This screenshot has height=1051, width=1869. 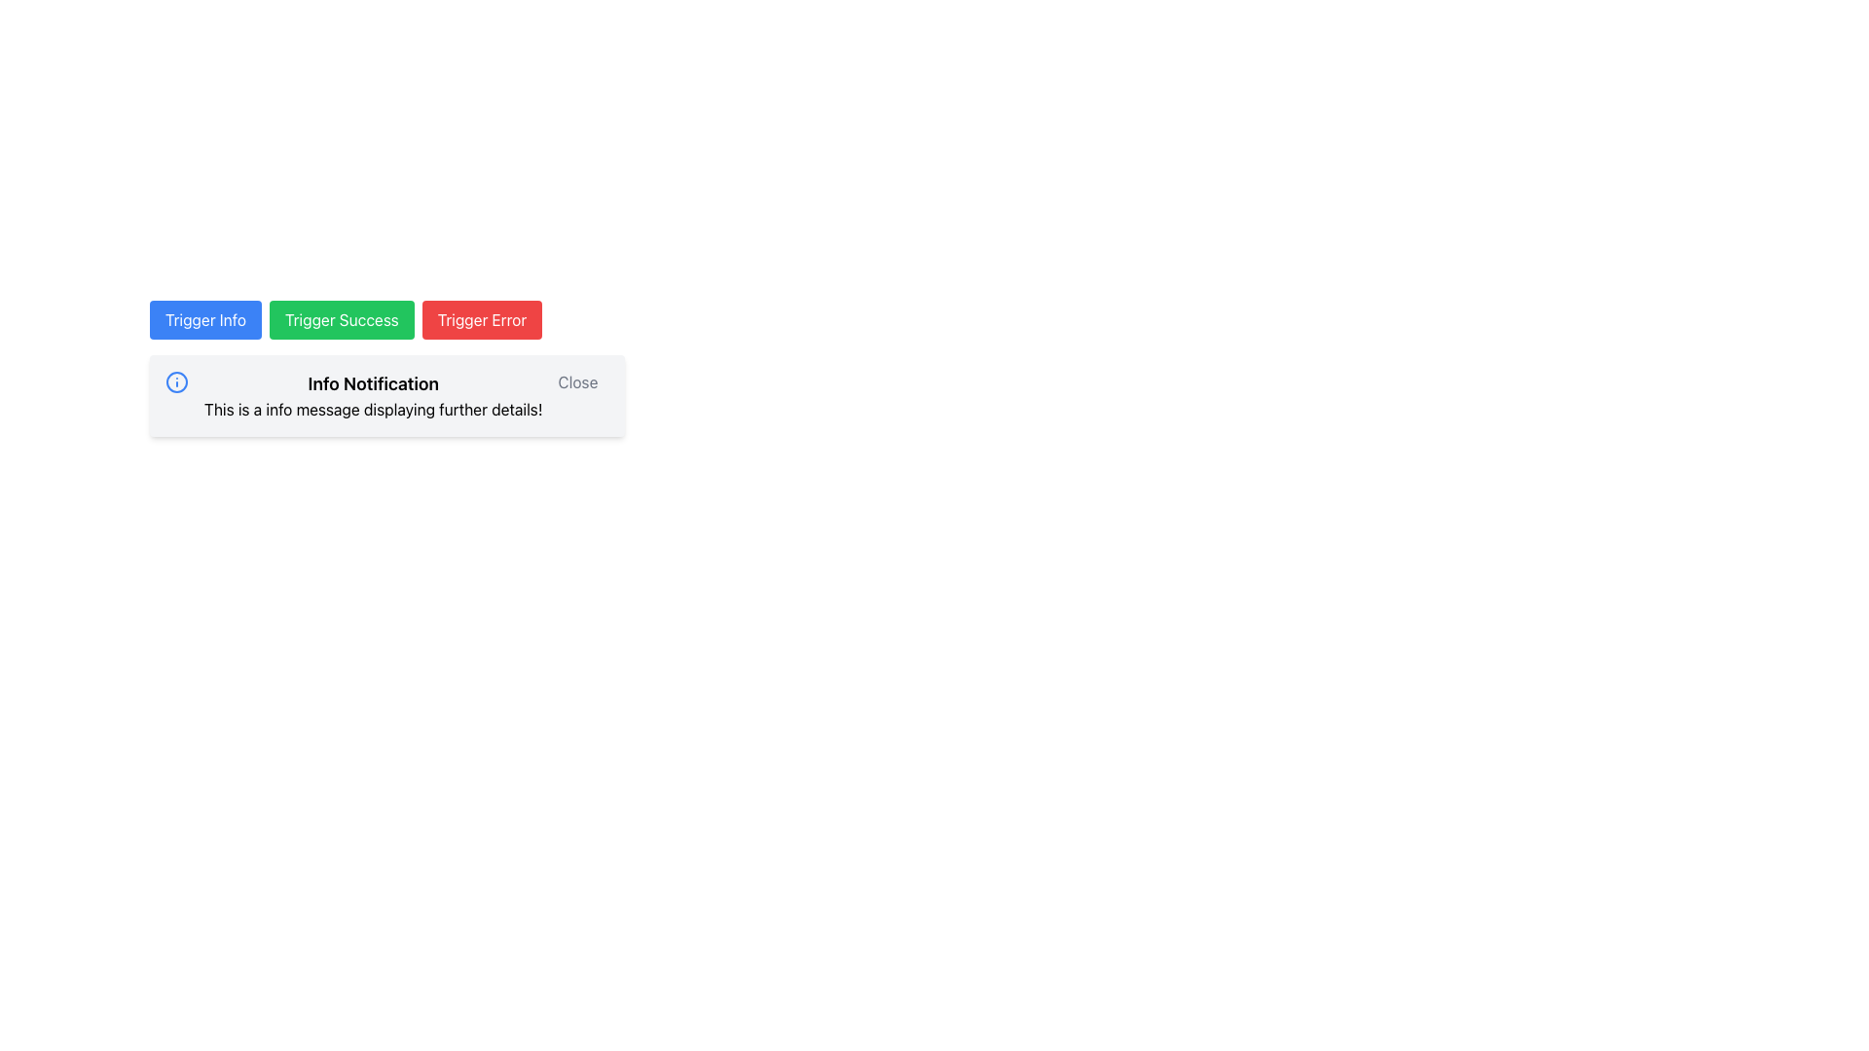 I want to click on the blue button labeled 'Trigger Info' with white text, which is the first button in a row of three buttons positioned above a notification card, so click(x=205, y=318).